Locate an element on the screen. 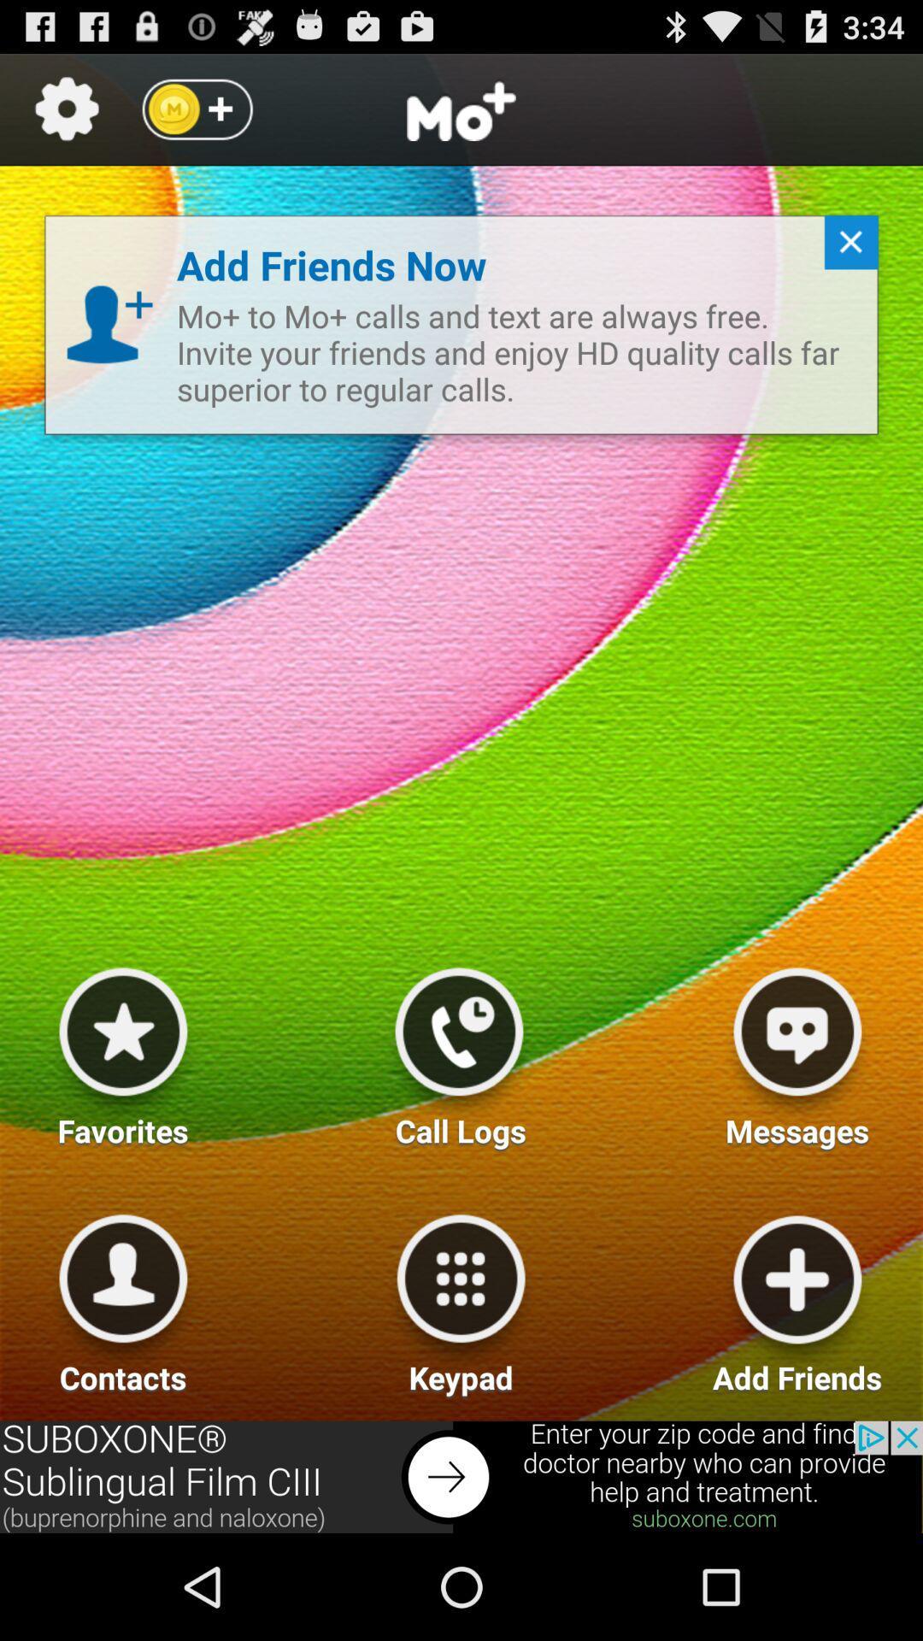  the image is located at coordinates (797, 1050).